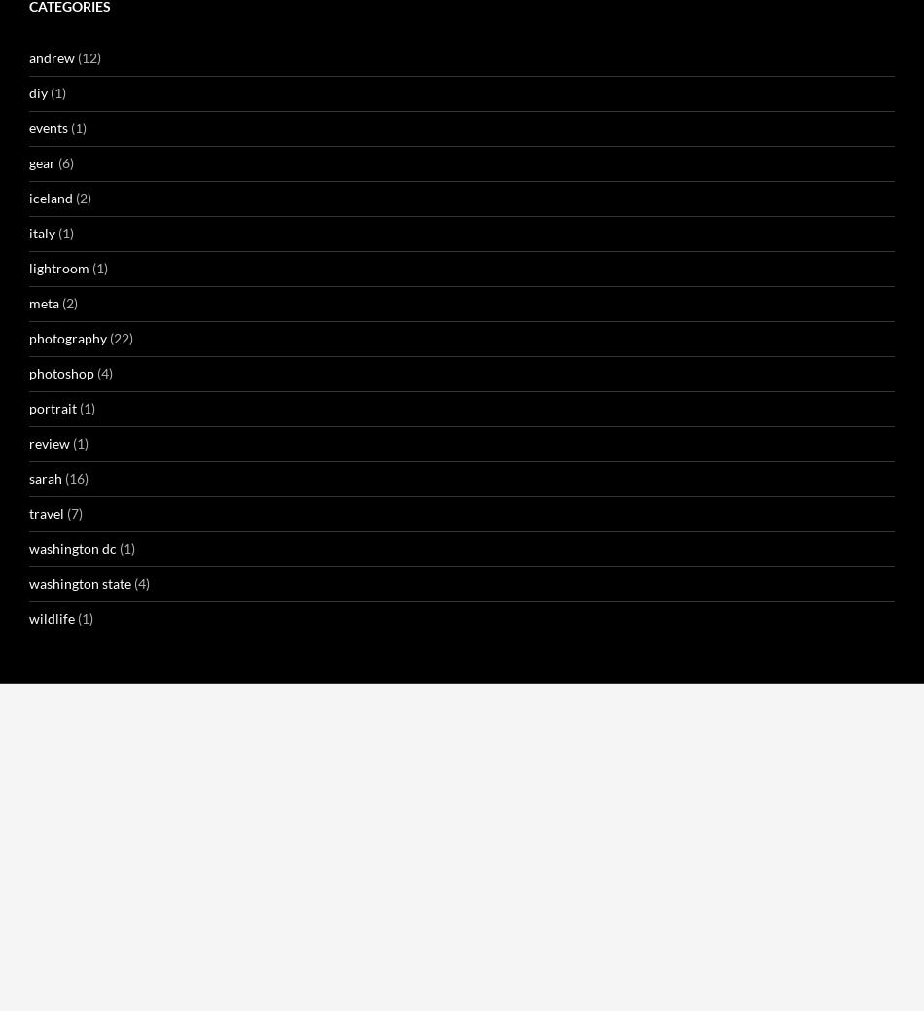 The height and width of the screenshot is (1011, 924). I want to click on 'washington dc', so click(422, 902).